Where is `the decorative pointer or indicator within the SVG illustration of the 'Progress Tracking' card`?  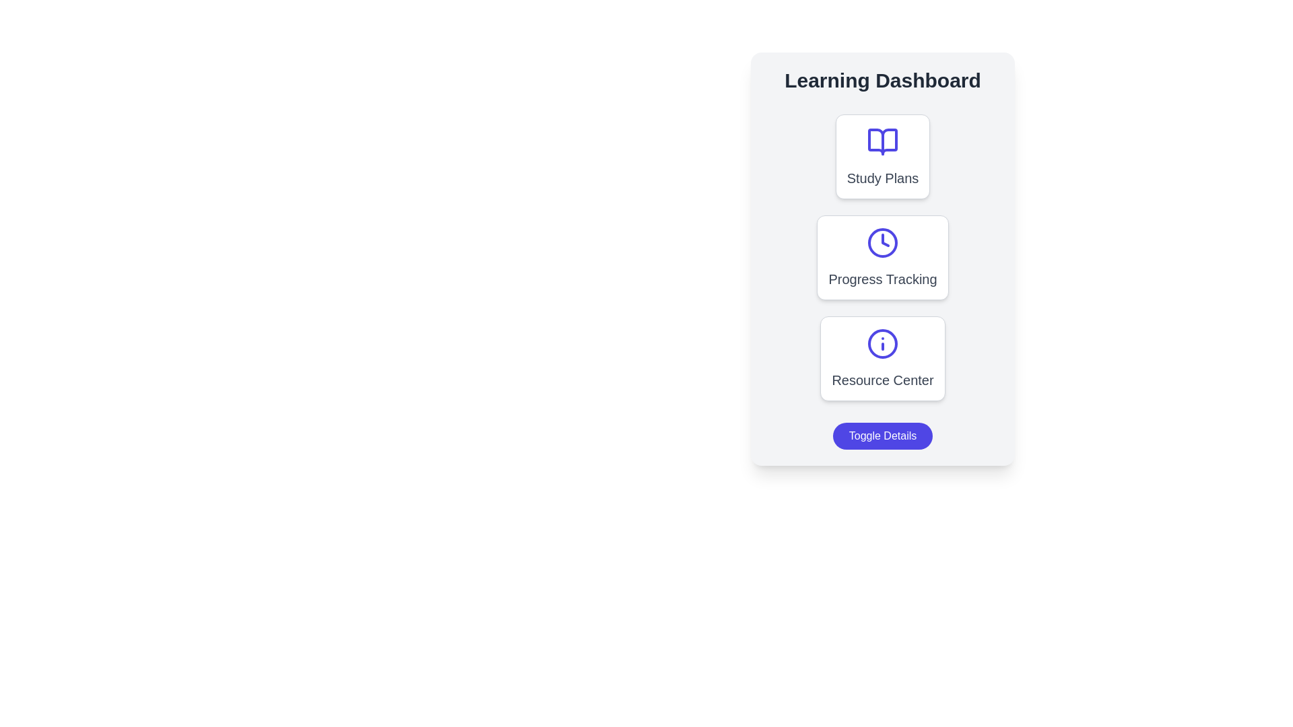
the decorative pointer or indicator within the SVG illustration of the 'Progress Tracking' card is located at coordinates (886, 240).